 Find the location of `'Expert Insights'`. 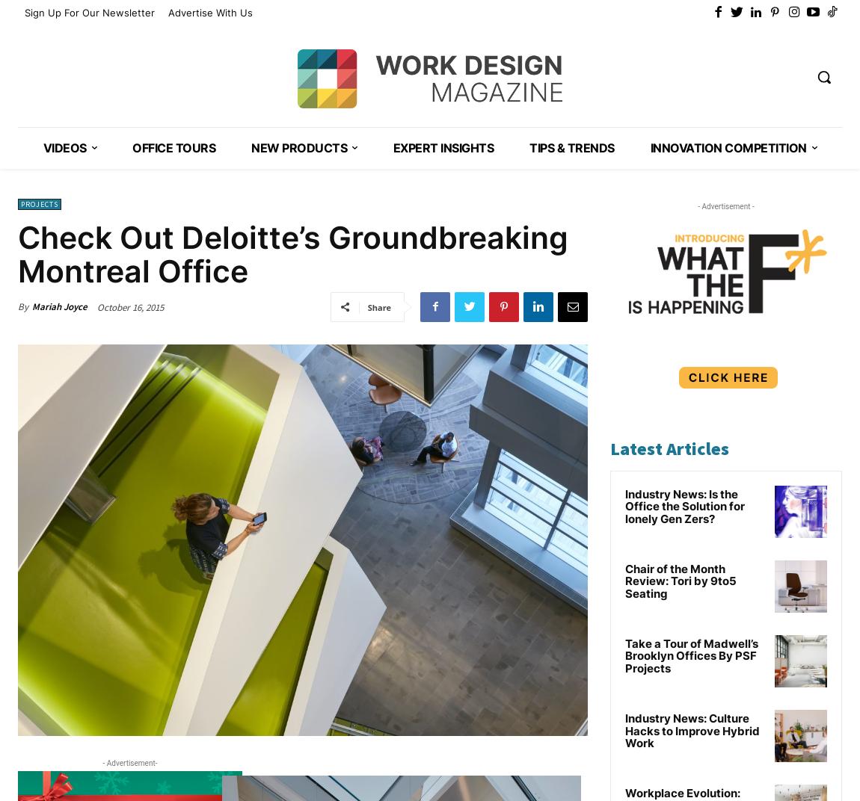

'Expert Insights' is located at coordinates (442, 146).